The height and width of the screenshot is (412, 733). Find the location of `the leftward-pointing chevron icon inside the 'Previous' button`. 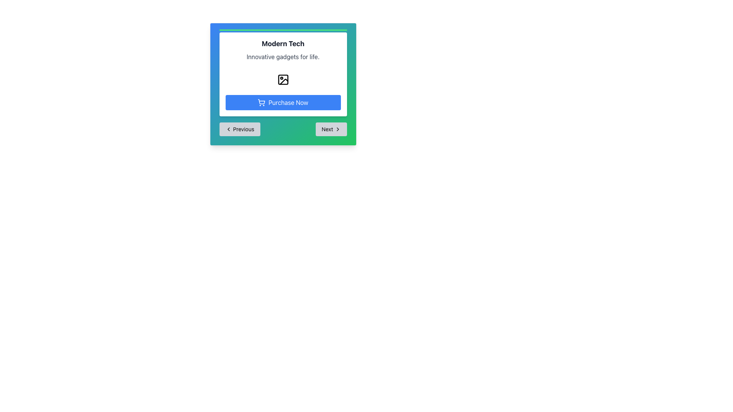

the leftward-pointing chevron icon inside the 'Previous' button is located at coordinates (228, 129).